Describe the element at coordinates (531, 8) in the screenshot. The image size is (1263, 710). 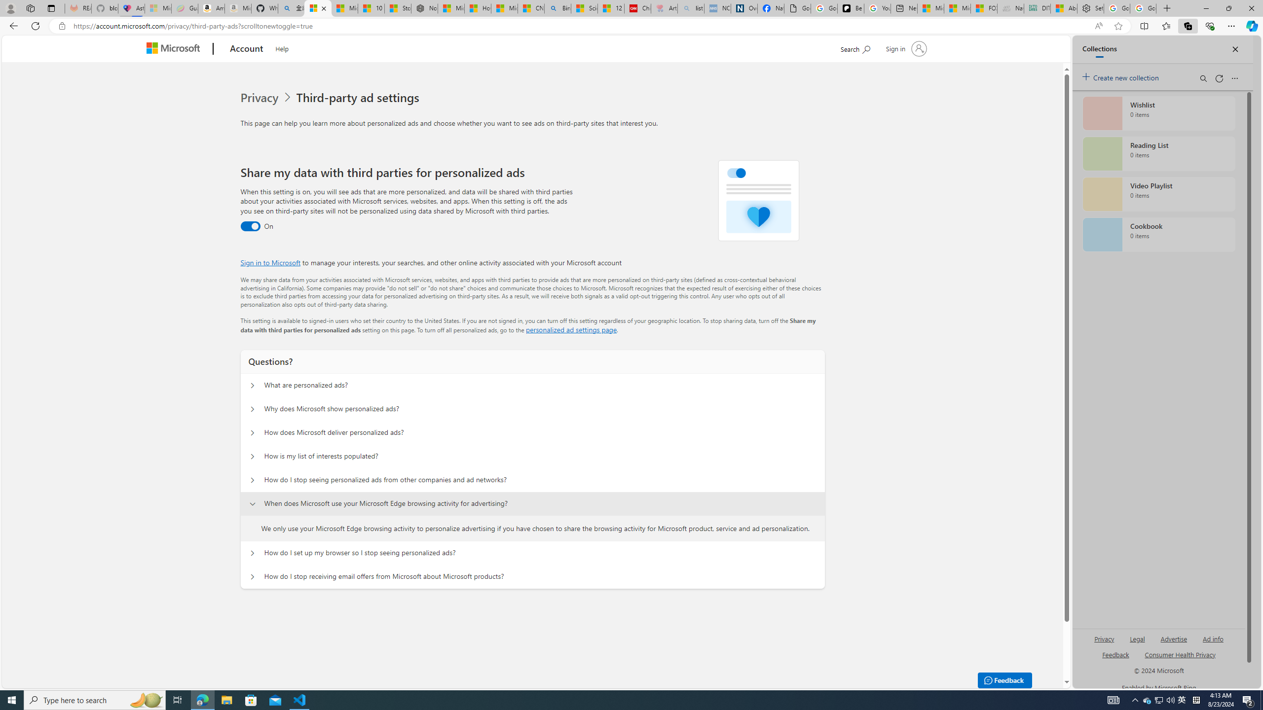
I see `'CNN - MSN'` at that location.